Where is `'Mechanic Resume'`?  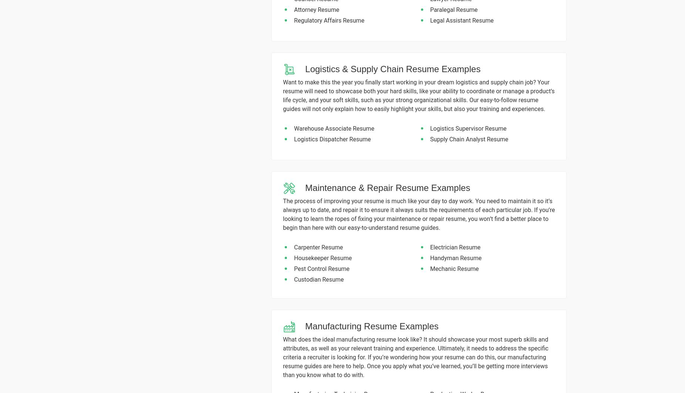 'Mechanic Resume' is located at coordinates (430, 268).